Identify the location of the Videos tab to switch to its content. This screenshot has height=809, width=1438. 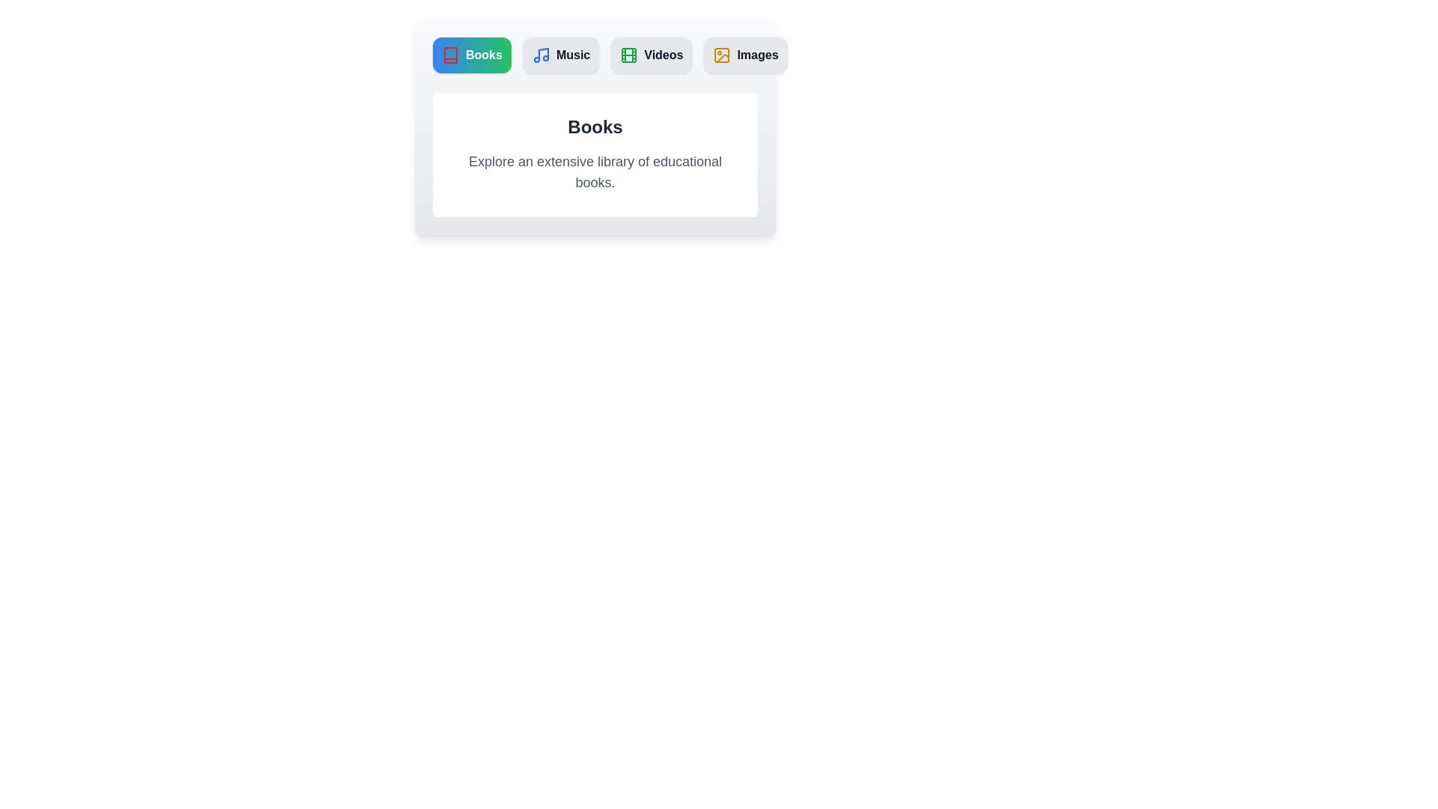
(651, 54).